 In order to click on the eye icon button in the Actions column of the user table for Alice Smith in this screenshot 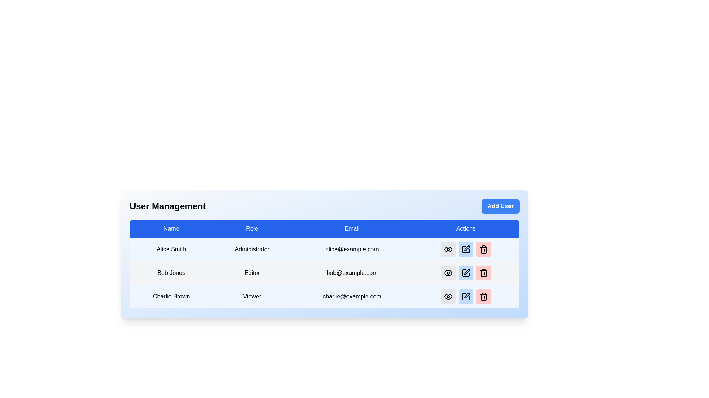, I will do `click(448, 249)`.